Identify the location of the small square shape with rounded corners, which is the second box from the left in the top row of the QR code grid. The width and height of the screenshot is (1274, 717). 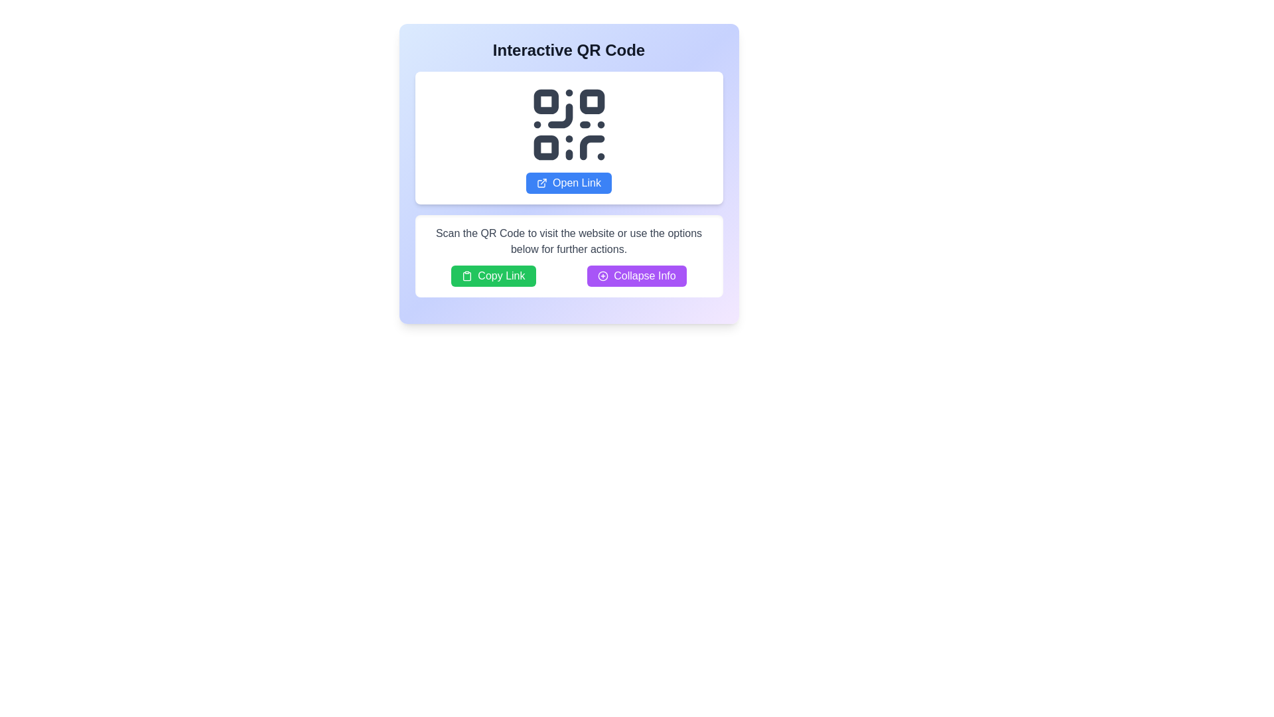
(591, 101).